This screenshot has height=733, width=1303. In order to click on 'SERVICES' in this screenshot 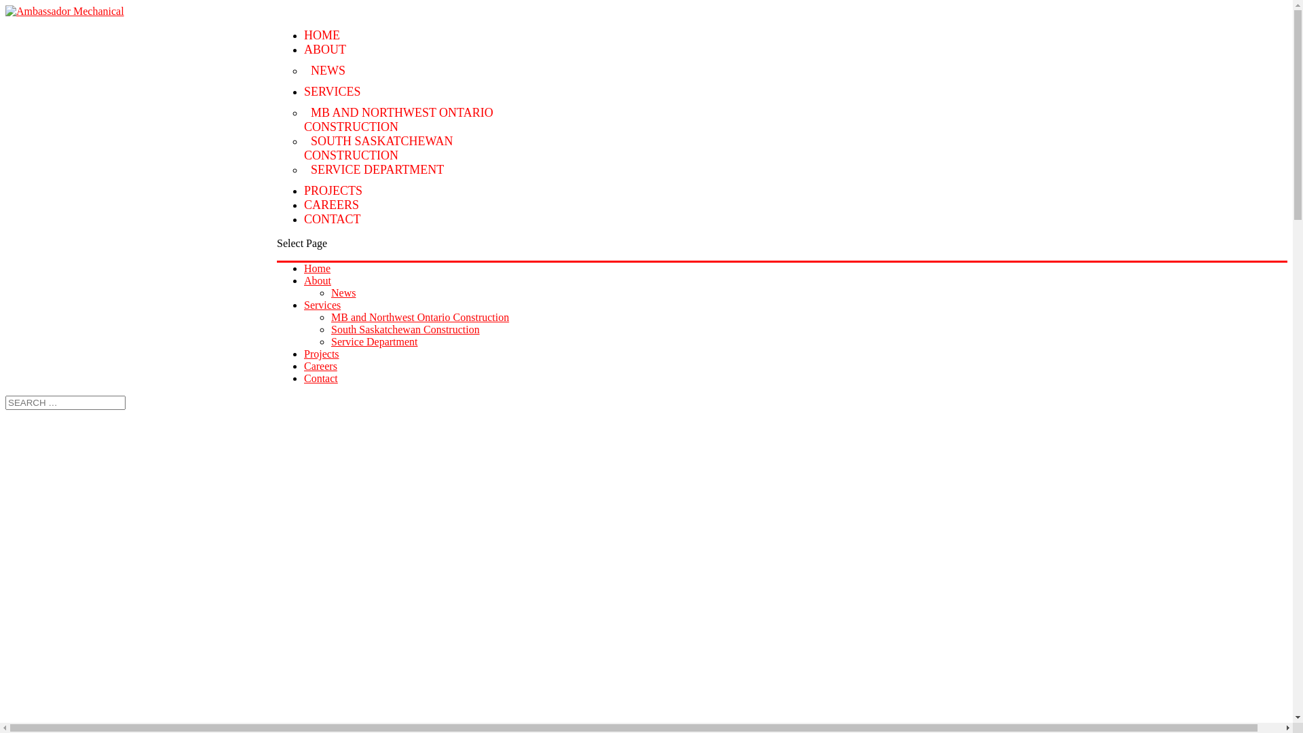, I will do `click(332, 92)`.